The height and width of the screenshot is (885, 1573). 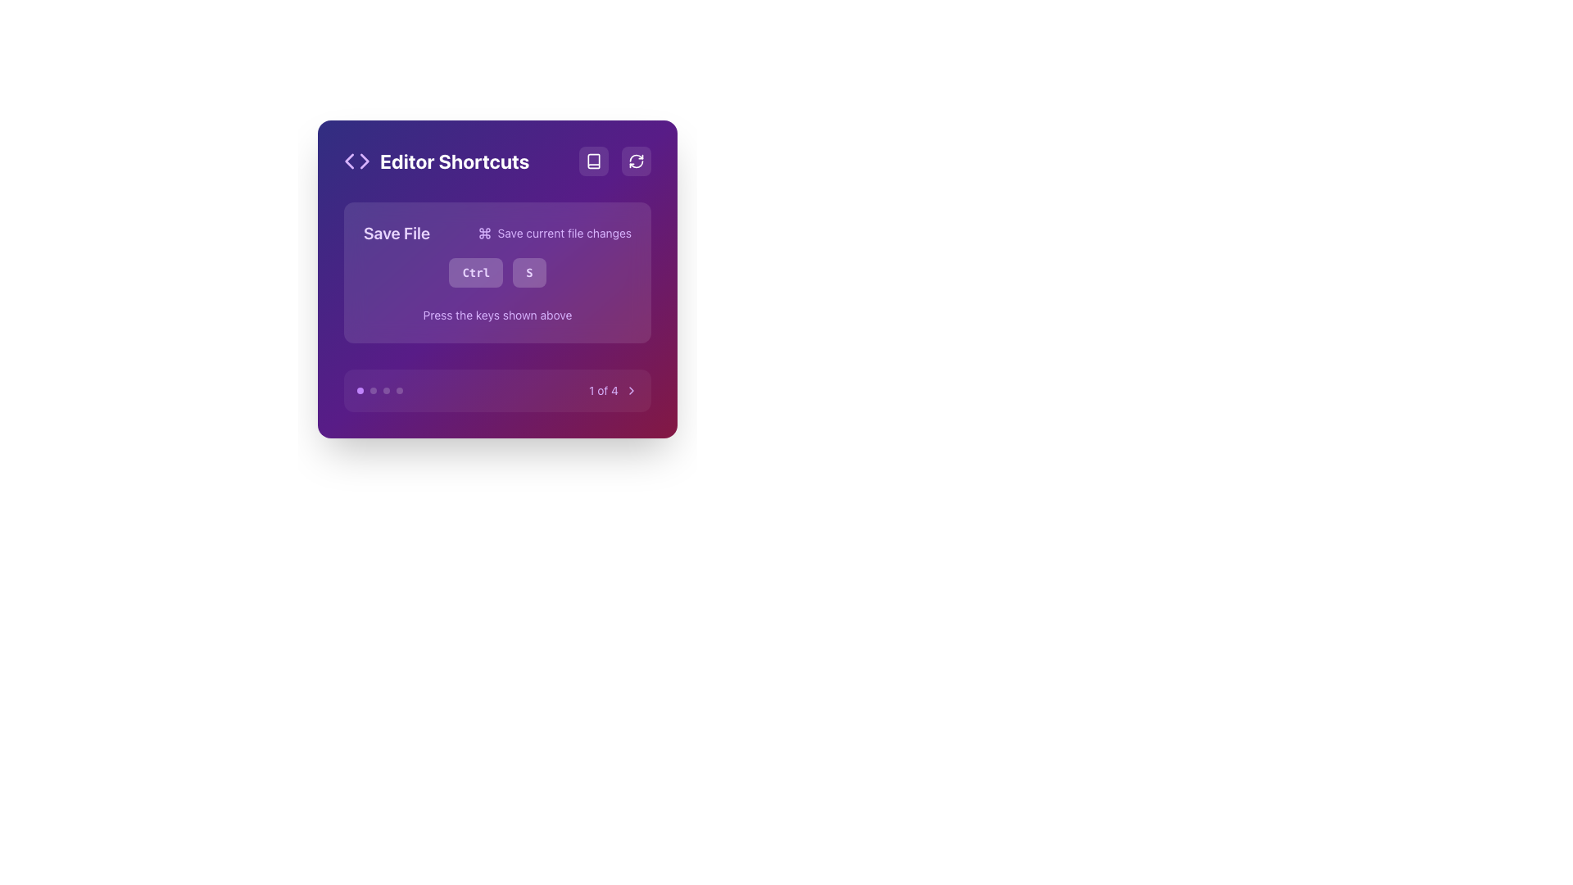 I want to click on the first circular indicator of the progress indicator located in the lower-left corner of the widget displaying shortcuts, which is highlighted in purple, so click(x=379, y=391).